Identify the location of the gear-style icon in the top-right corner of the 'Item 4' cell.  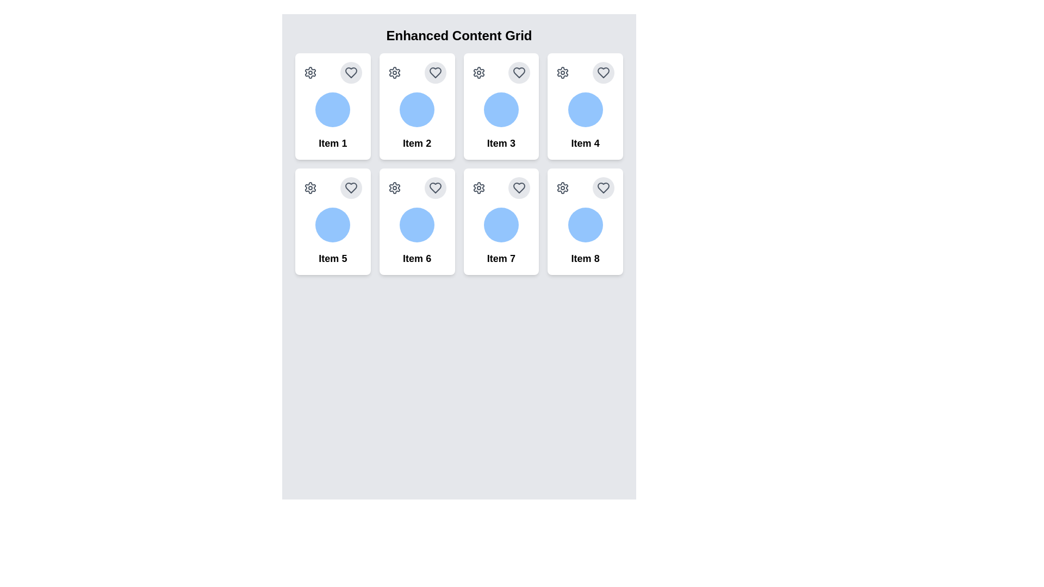
(563, 73).